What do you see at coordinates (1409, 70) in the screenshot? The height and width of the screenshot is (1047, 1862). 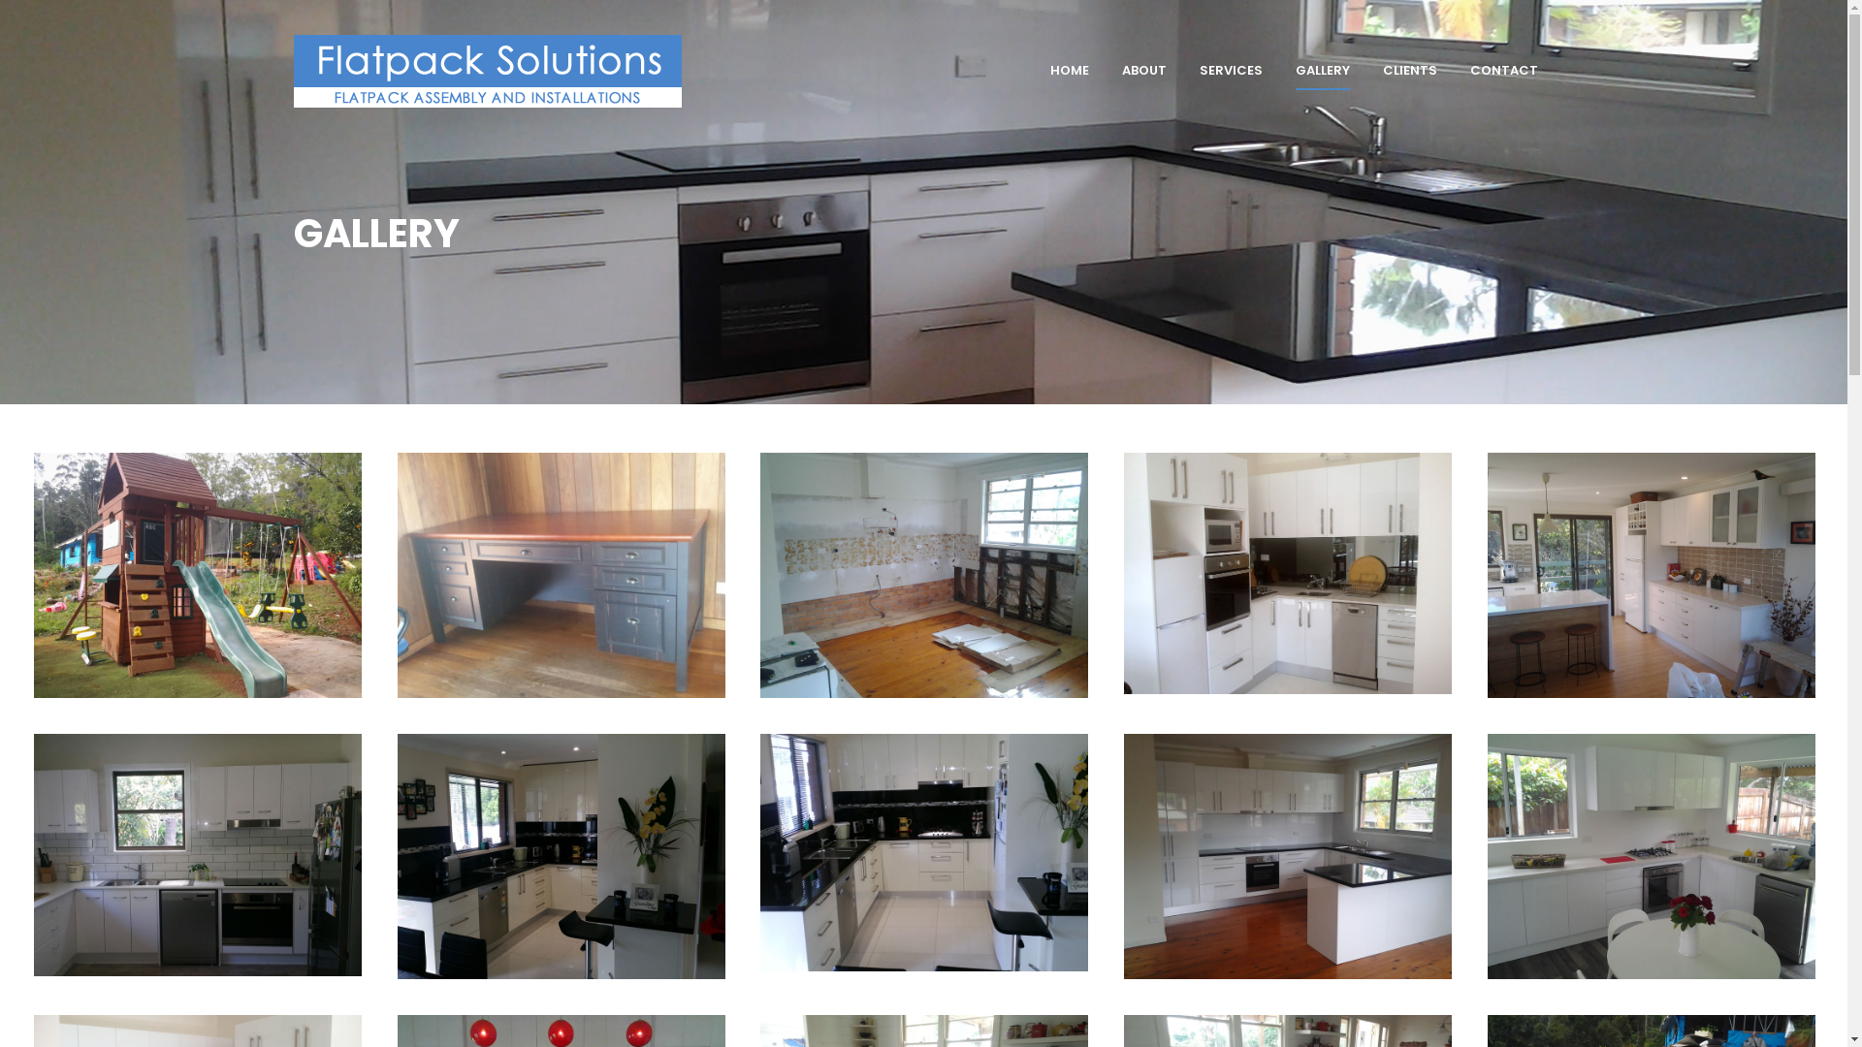 I see `'CLIENTS'` at bounding box center [1409, 70].